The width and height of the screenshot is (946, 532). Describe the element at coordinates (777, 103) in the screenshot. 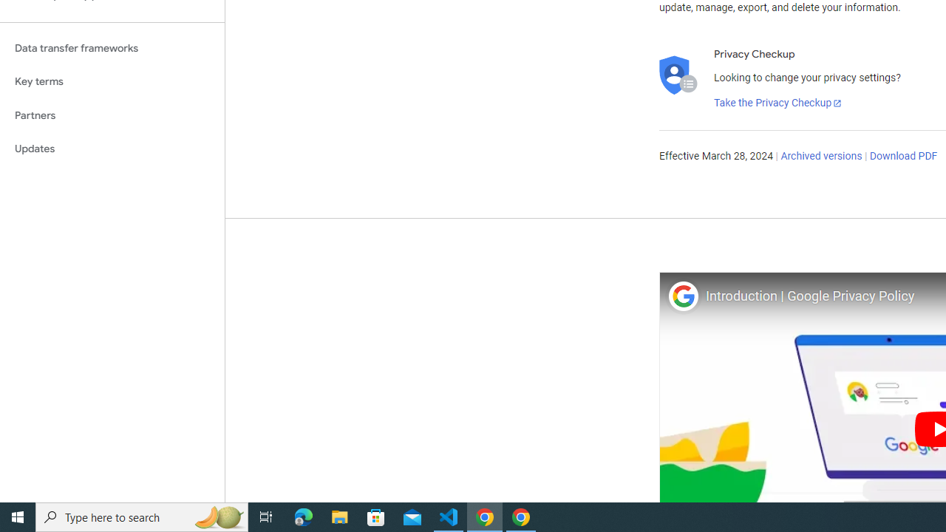

I see `'Take the Privacy Checkup'` at that location.